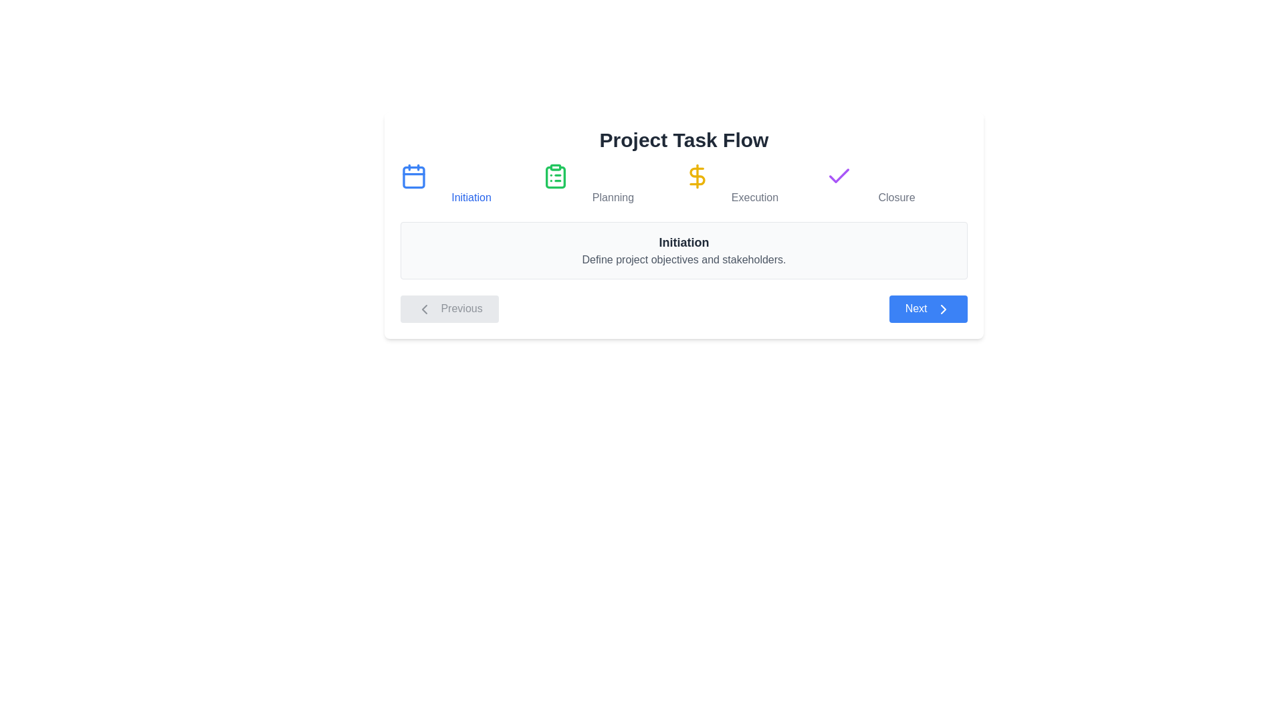  What do you see at coordinates (683, 260) in the screenshot?
I see `the text element reading 'Define project objectives and stakeholders.' which is positioned below the 'Initiation' header` at bounding box center [683, 260].